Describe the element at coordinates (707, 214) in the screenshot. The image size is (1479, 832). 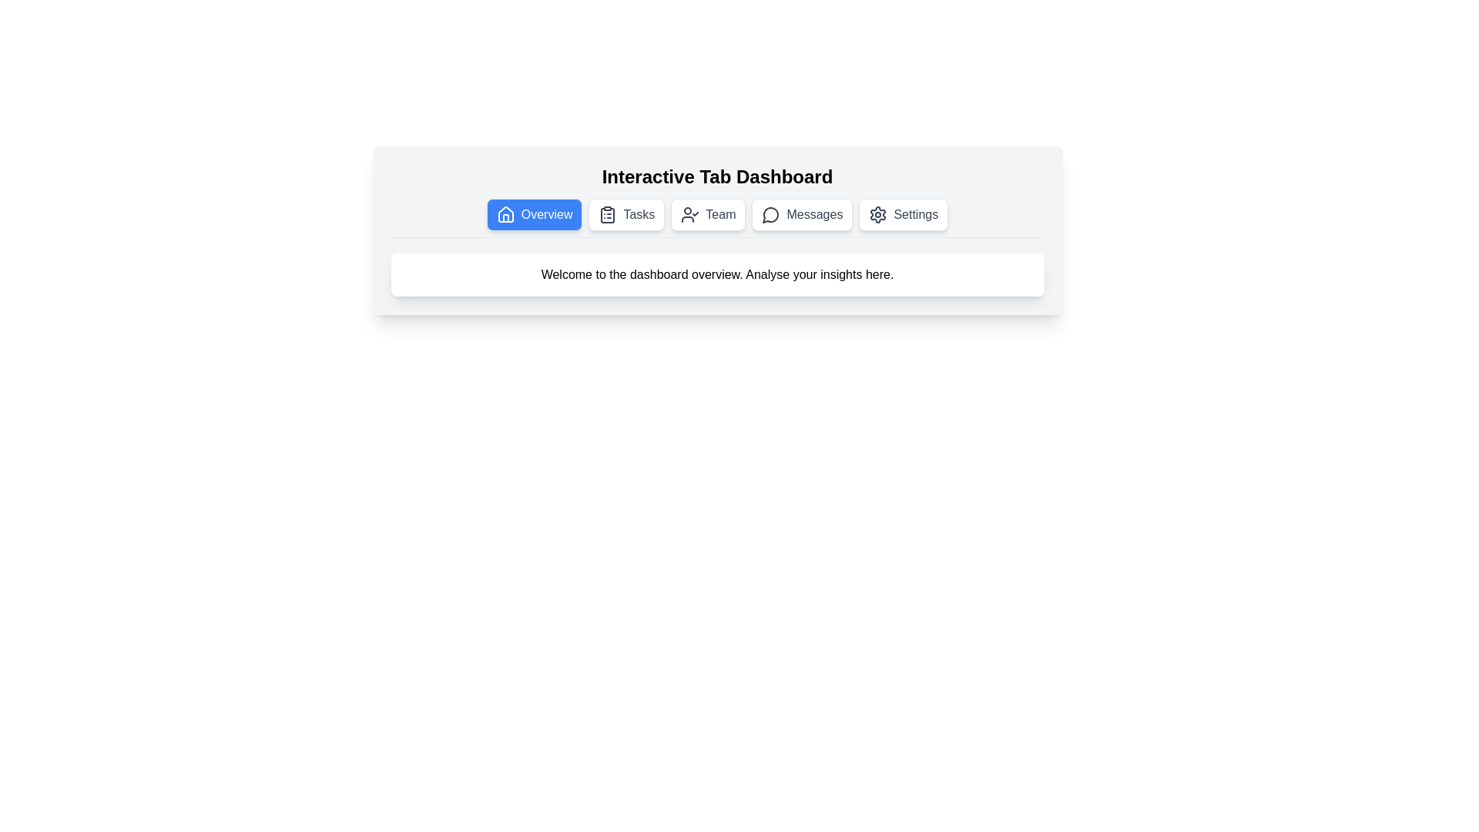
I see `the 'Team' button, which is the third button` at that location.